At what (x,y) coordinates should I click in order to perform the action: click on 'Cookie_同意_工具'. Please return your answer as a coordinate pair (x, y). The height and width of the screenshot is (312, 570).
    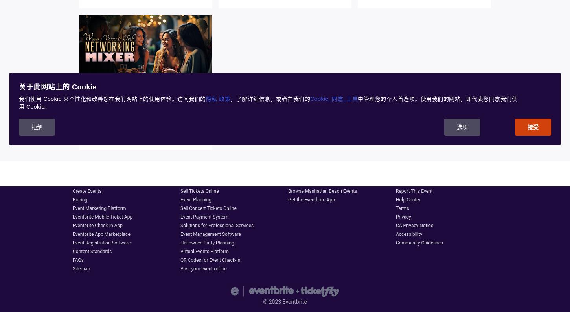
    Looking at the image, I should click on (310, 99).